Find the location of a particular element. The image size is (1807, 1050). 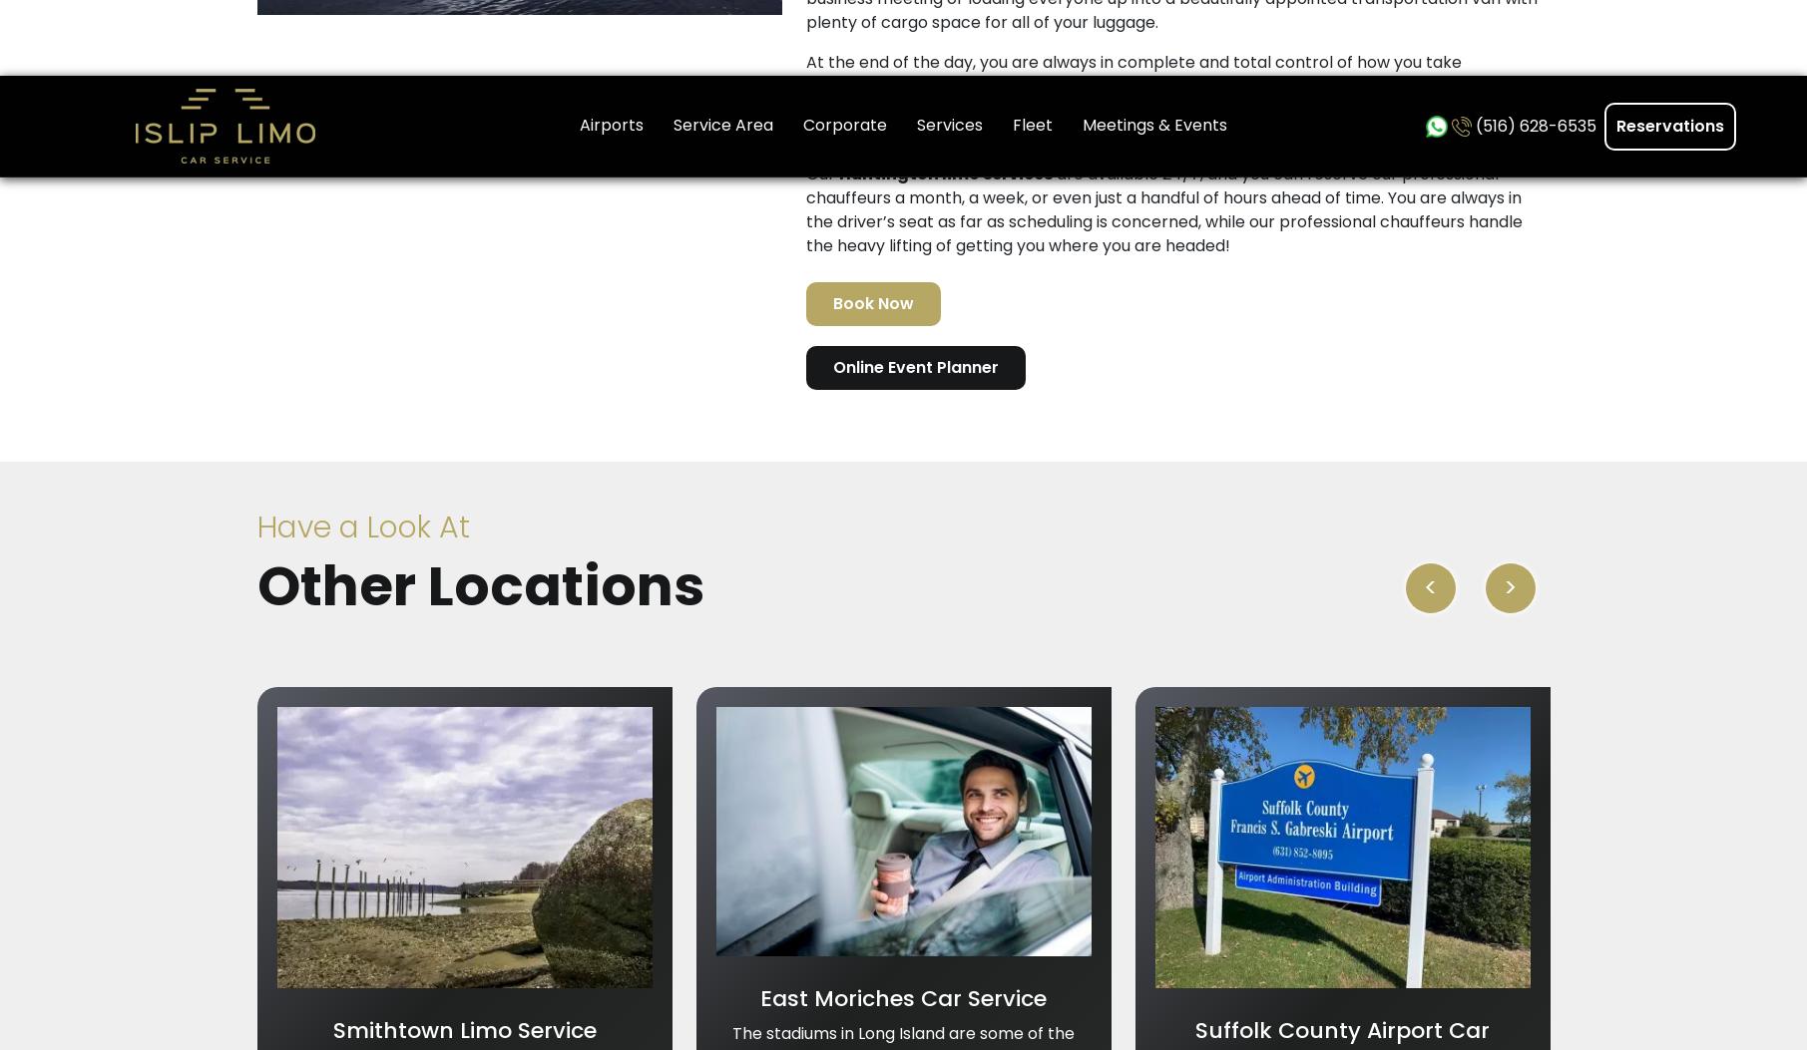

'(631) 983-6927' is located at coordinates (1322, 355).